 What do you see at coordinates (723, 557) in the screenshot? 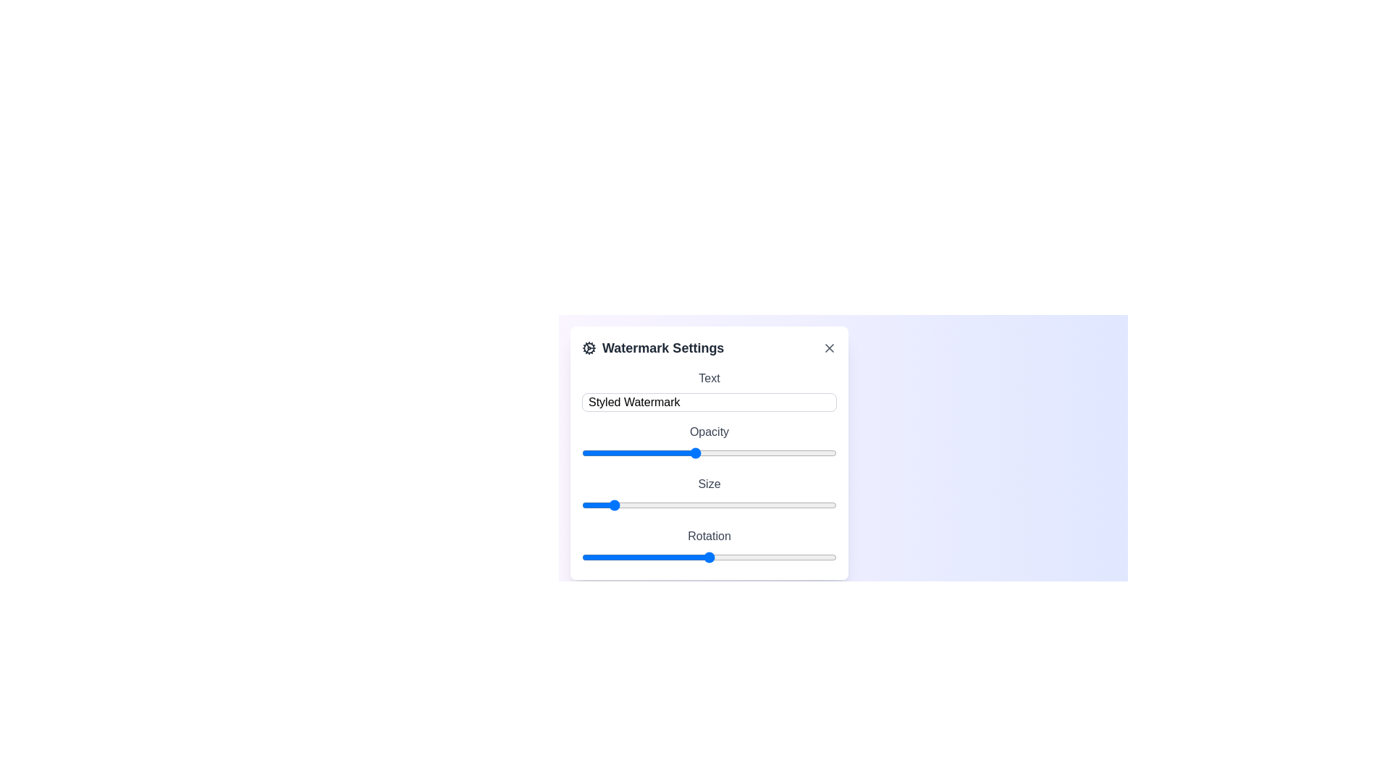
I see `rotation` at bounding box center [723, 557].